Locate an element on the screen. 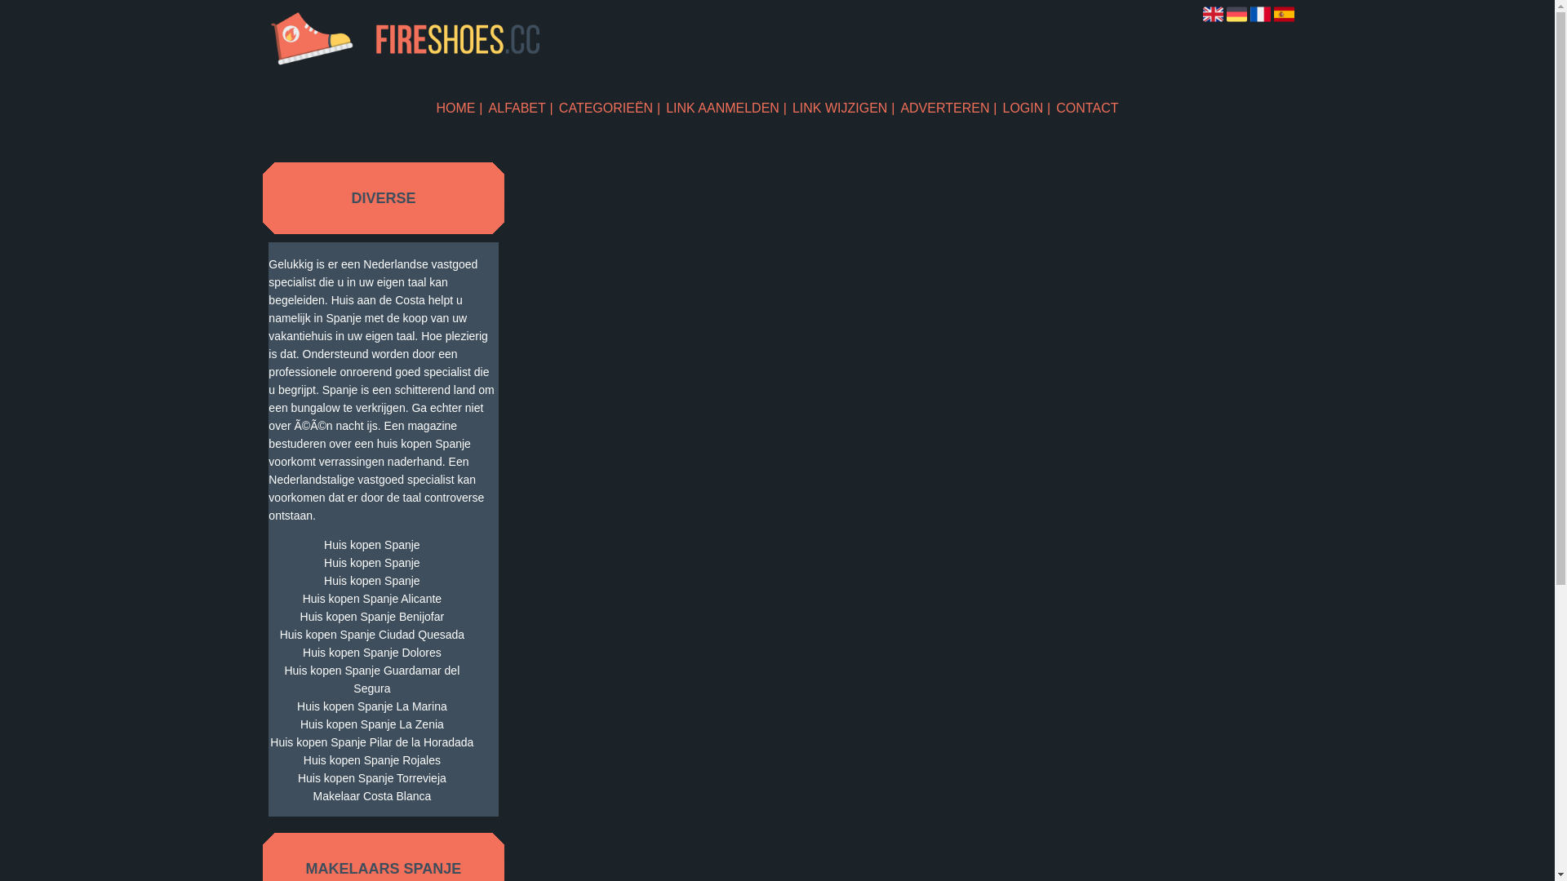 The height and width of the screenshot is (881, 1567). 'LINK WIJZIGEN' is located at coordinates (843, 108).